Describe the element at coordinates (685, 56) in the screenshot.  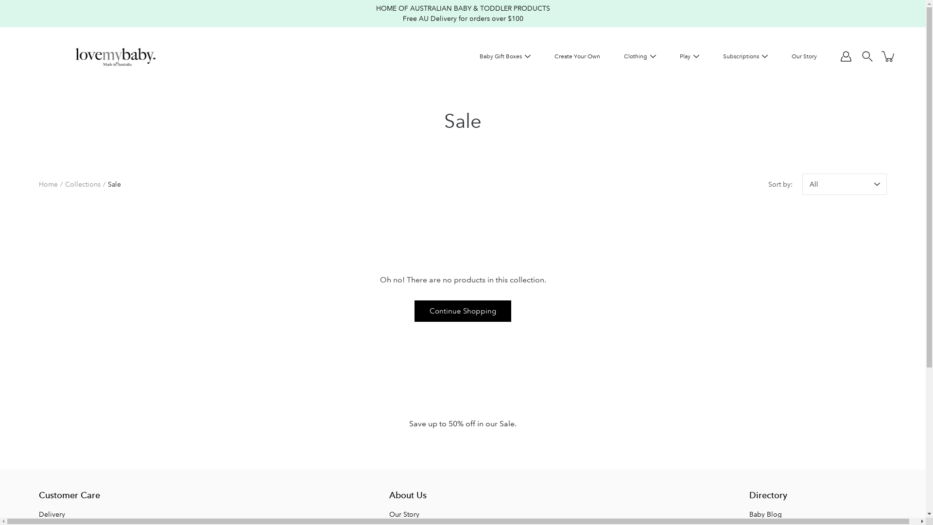
I see `'Play'` at that location.